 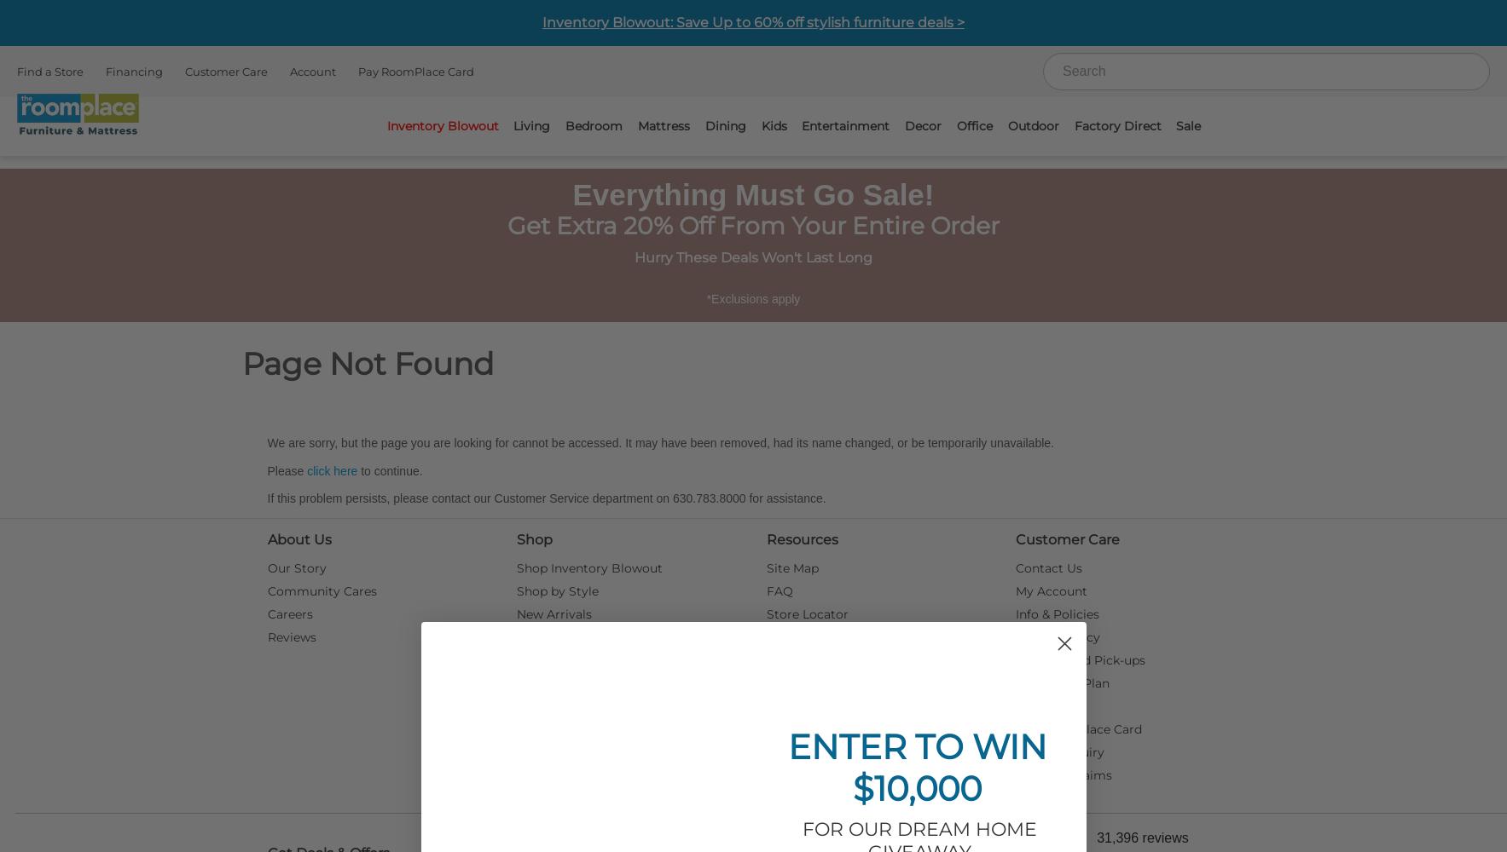 What do you see at coordinates (780, 683) in the screenshot?
I see `'Blog'` at bounding box center [780, 683].